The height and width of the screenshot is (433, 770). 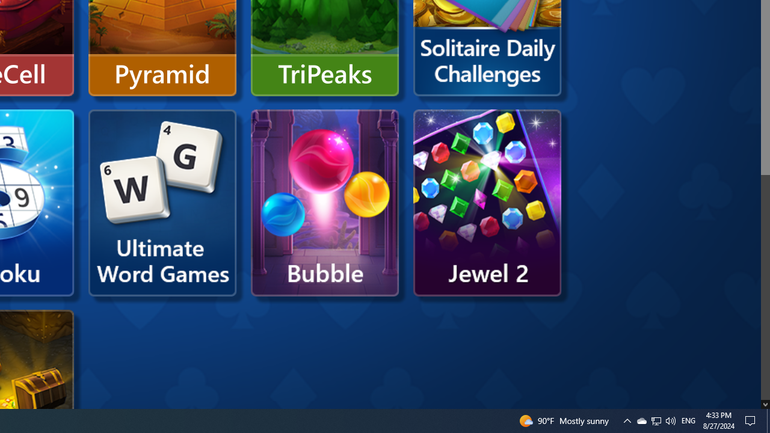 What do you see at coordinates (162, 202) in the screenshot?
I see `'Microsoft UWG'` at bounding box center [162, 202].